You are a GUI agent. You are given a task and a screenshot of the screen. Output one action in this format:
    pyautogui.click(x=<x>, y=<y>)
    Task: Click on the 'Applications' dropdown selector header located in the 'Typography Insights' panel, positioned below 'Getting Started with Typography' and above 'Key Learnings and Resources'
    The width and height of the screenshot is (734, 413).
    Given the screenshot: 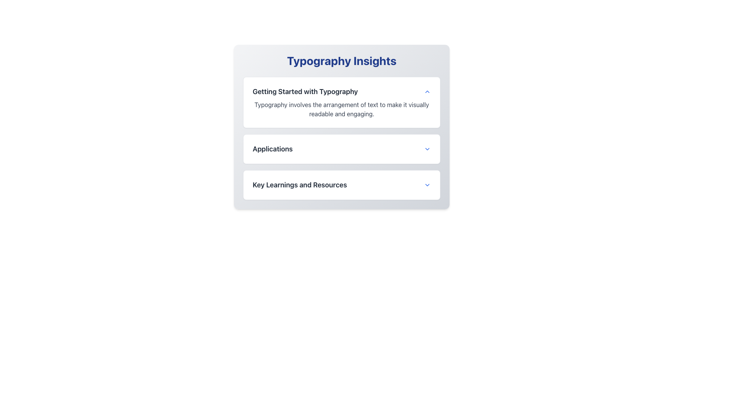 What is the action you would take?
    pyautogui.click(x=341, y=149)
    